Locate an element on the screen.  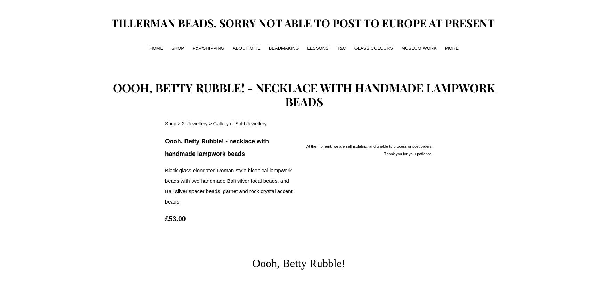
'Museum Work' is located at coordinates (401, 47).